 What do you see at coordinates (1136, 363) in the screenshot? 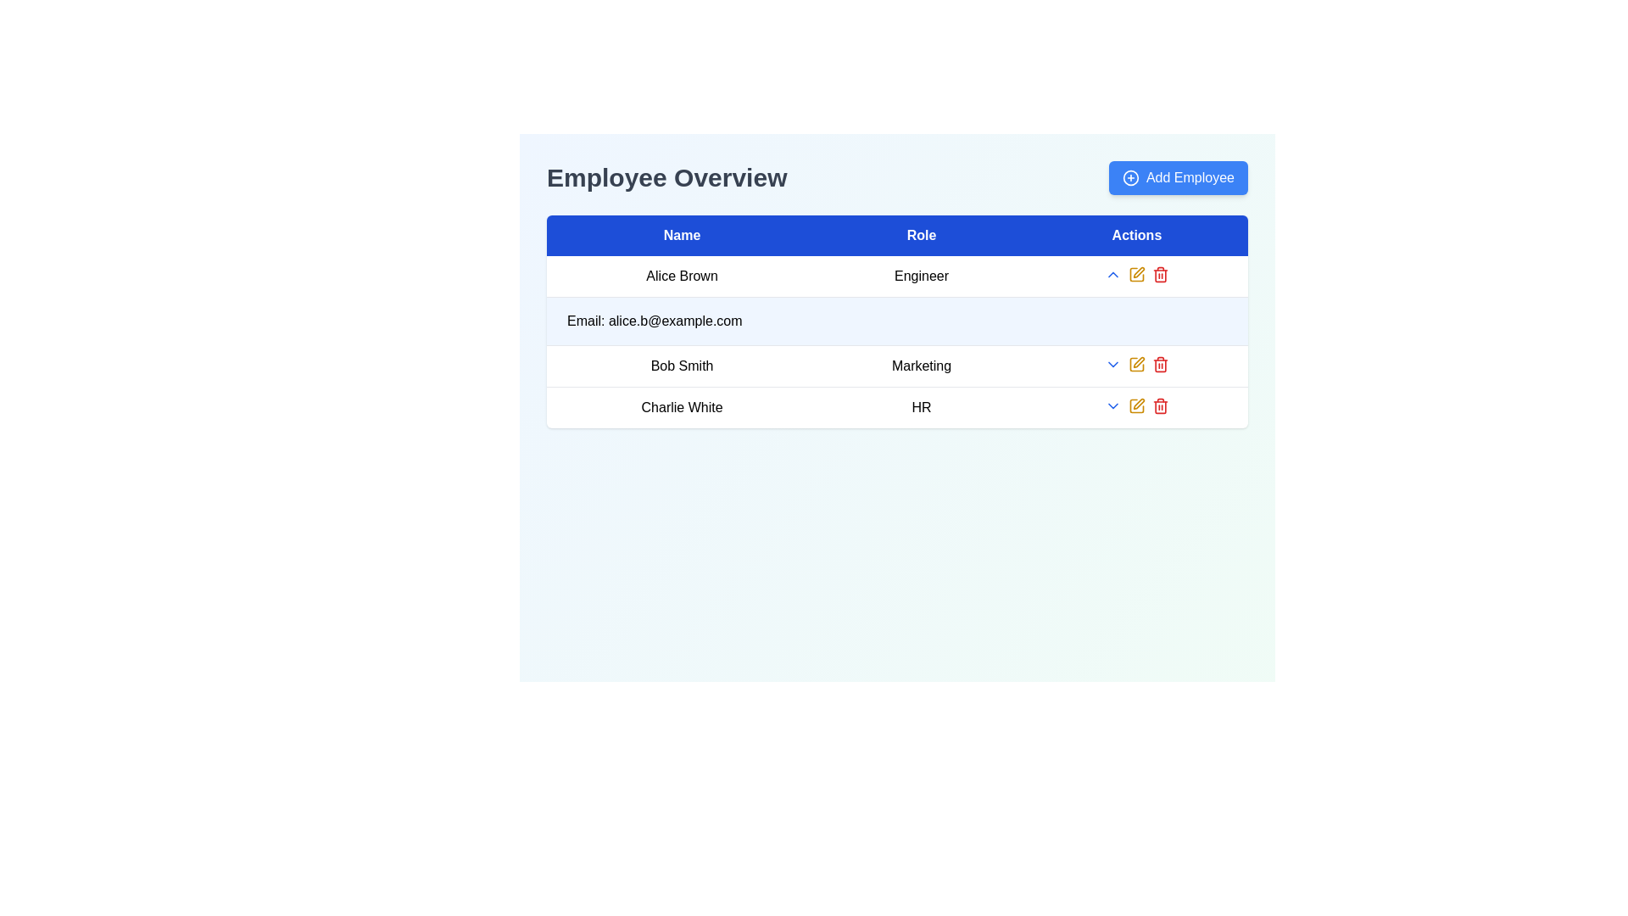
I see `the 'edit' action button for the 'Bob Smith' row in the employee list table` at bounding box center [1136, 363].